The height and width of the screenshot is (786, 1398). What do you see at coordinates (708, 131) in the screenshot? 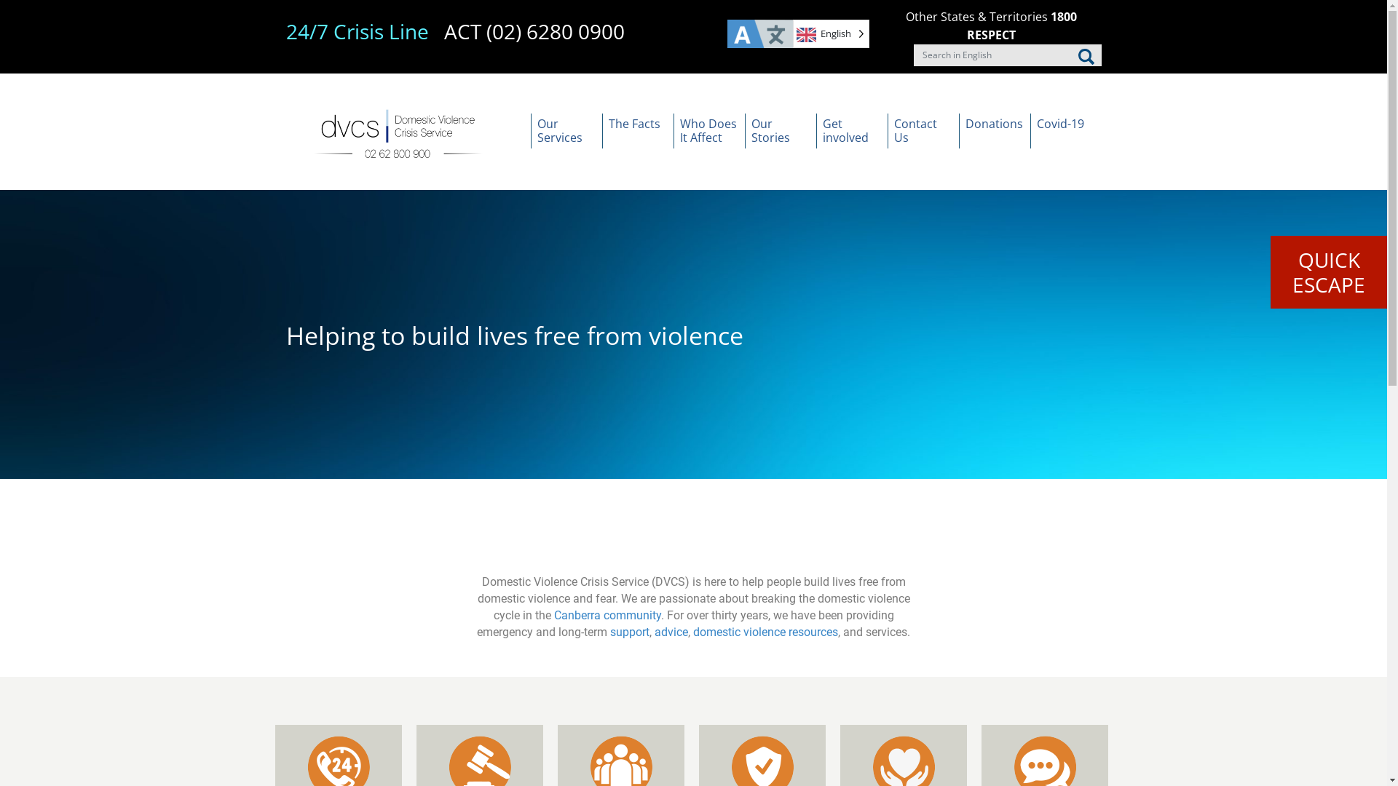
I see `'Who Does It Affect'` at bounding box center [708, 131].